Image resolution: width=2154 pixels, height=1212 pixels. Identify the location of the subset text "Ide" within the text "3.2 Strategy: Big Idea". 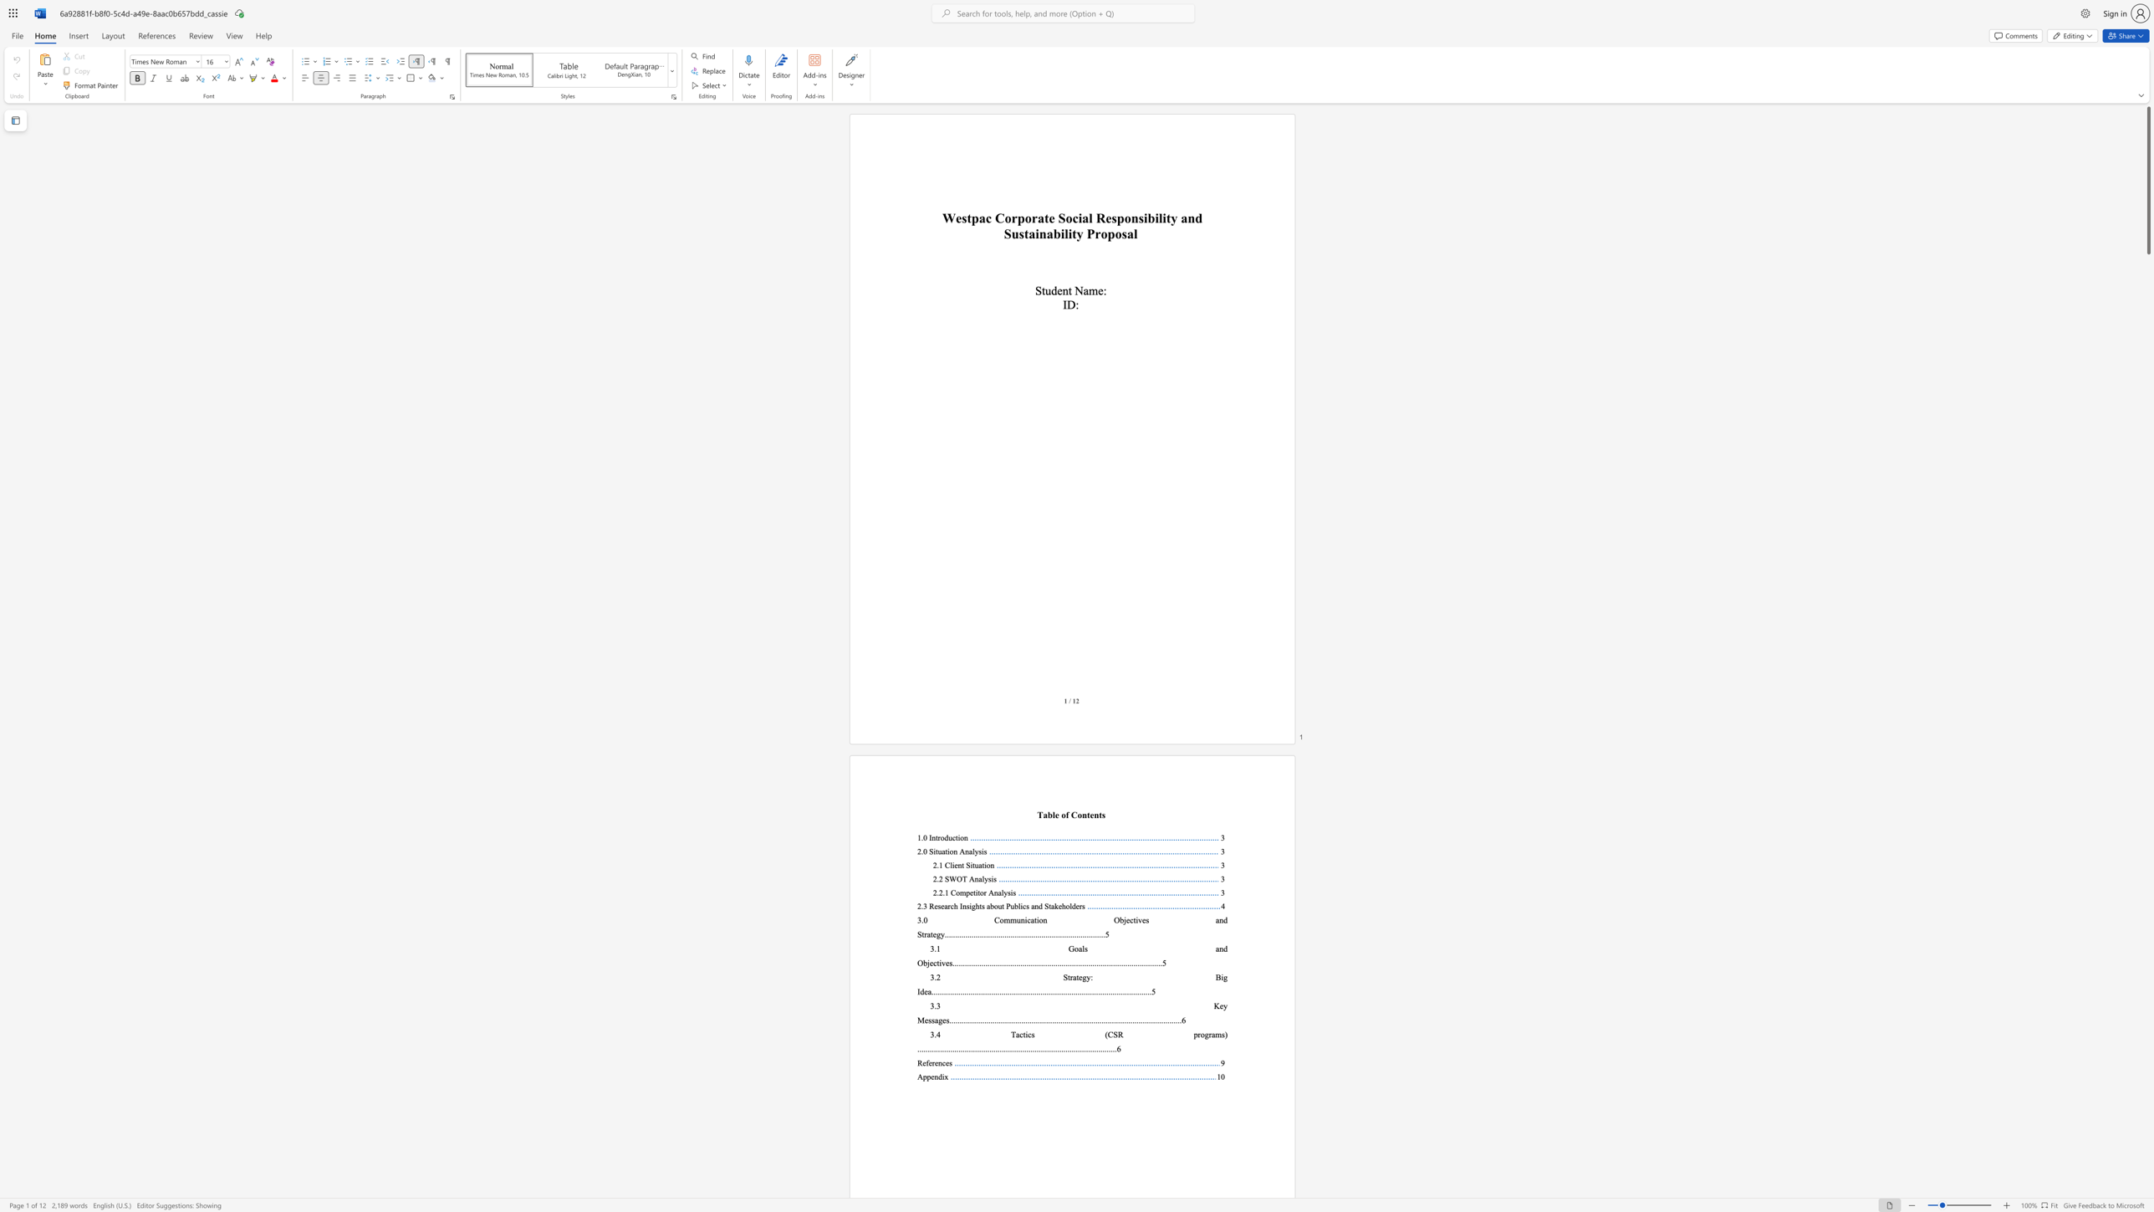
(916, 991).